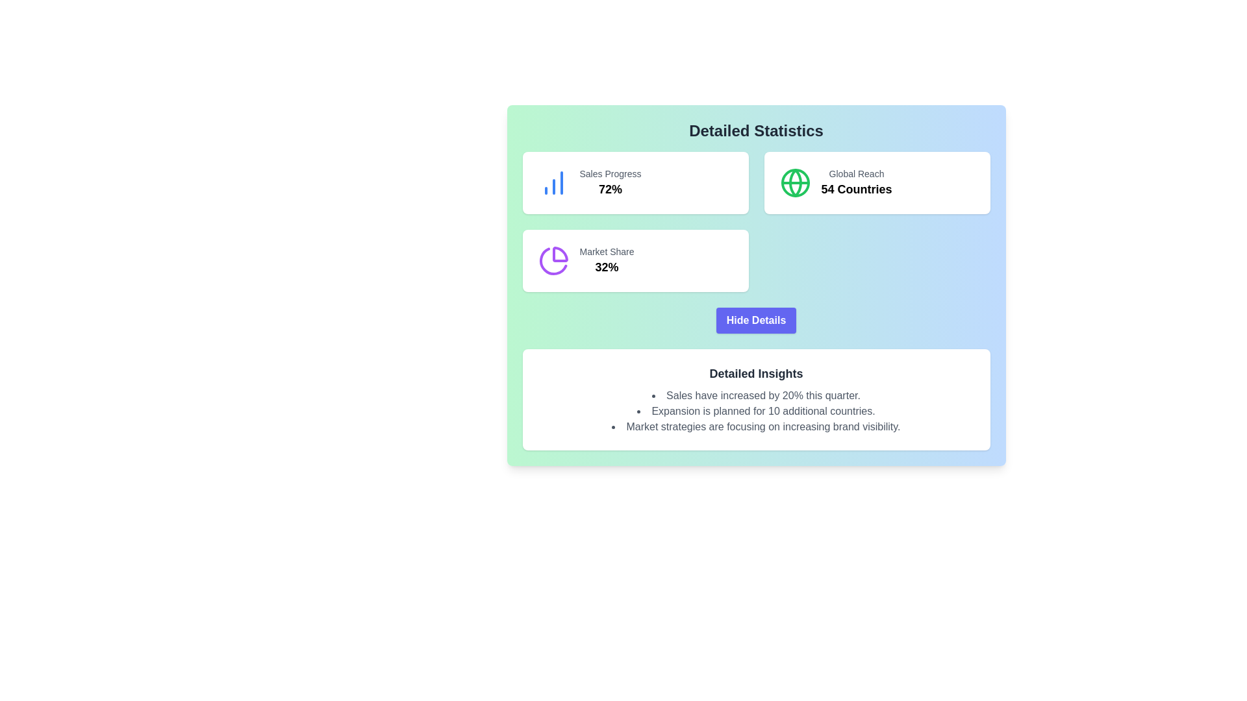  What do you see at coordinates (756, 130) in the screenshot?
I see `text of the header or title located at the top of the section, which provides a label for the content below it` at bounding box center [756, 130].